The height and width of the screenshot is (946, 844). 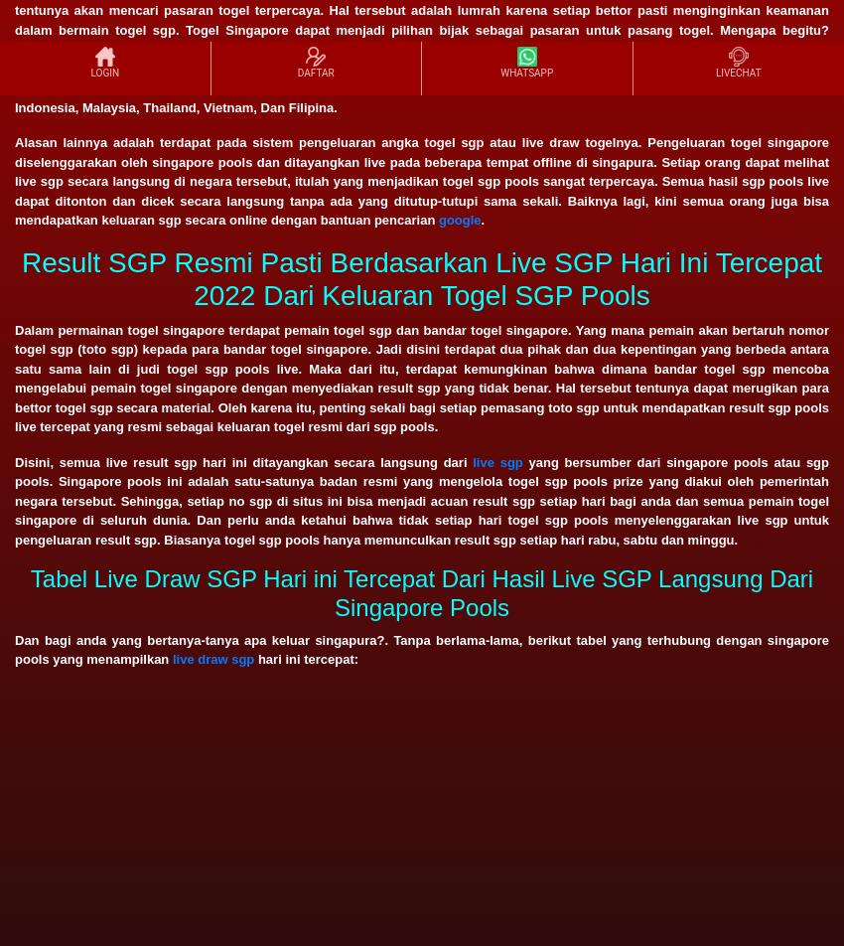 I want to click on 'yang bersumber dari singapore pools atau sgp pools. Singapore pools ini adalah satu-satunya badan resmi yang mengelola togel sgp pools prize yang diakui oleh pemerintah negara tersebut. Sehingga, setiap no sgp di situs ini bisa menjadi acuan result sgp setiap hari bagi anda dan semua pemain togel singapore di seluruh dunia. Dan perlu anda ketahui bahwa tidak setiap hari togel sgp pools menyelenggarakan live sgp untuk pengeluaran result sgp. Biasanya togel sgp pools hanya memunculkan result sgp setiap hari rabu, sabtu dan minggu.', so click(x=422, y=500).